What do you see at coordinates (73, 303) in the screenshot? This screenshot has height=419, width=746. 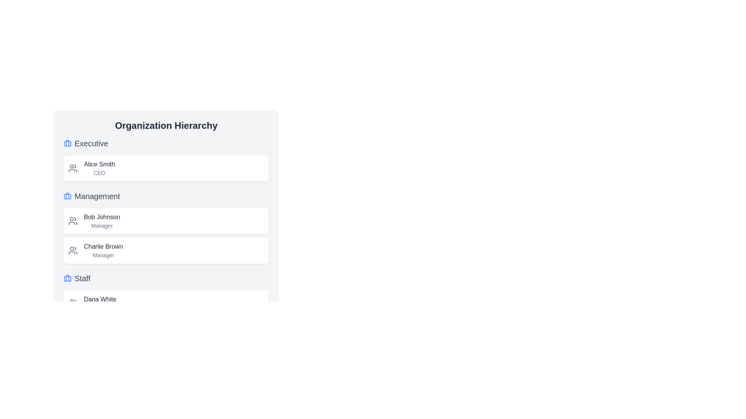 I see `the Decorative Icon that represents the user or group of users identified by the text 'Dana White' in the 'Staff' section` at bounding box center [73, 303].